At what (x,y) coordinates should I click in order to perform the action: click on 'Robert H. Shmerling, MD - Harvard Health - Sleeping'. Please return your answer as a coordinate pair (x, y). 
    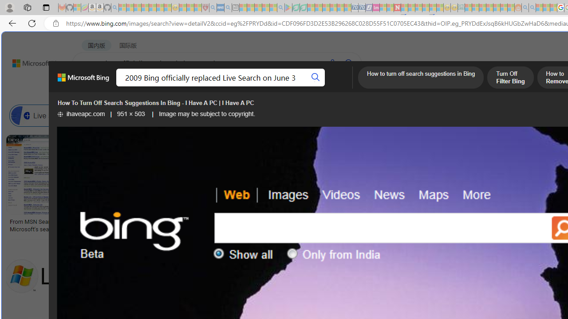
    Looking at the image, I should click on (205, 8).